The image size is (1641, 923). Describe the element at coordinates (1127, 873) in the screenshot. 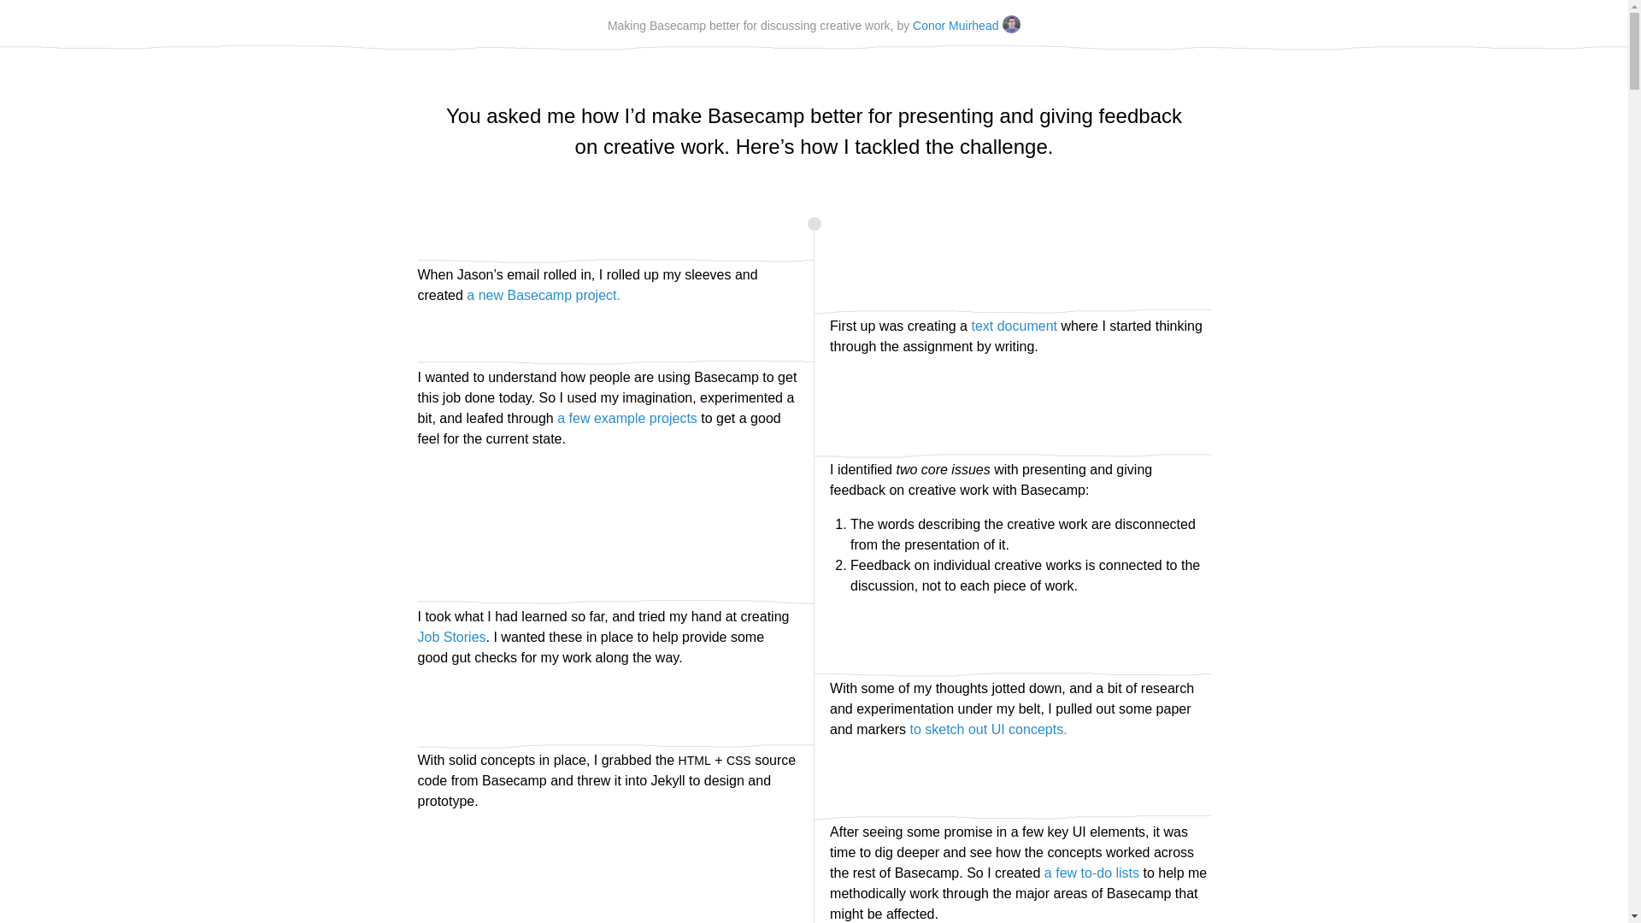

I see `'lists'` at that location.